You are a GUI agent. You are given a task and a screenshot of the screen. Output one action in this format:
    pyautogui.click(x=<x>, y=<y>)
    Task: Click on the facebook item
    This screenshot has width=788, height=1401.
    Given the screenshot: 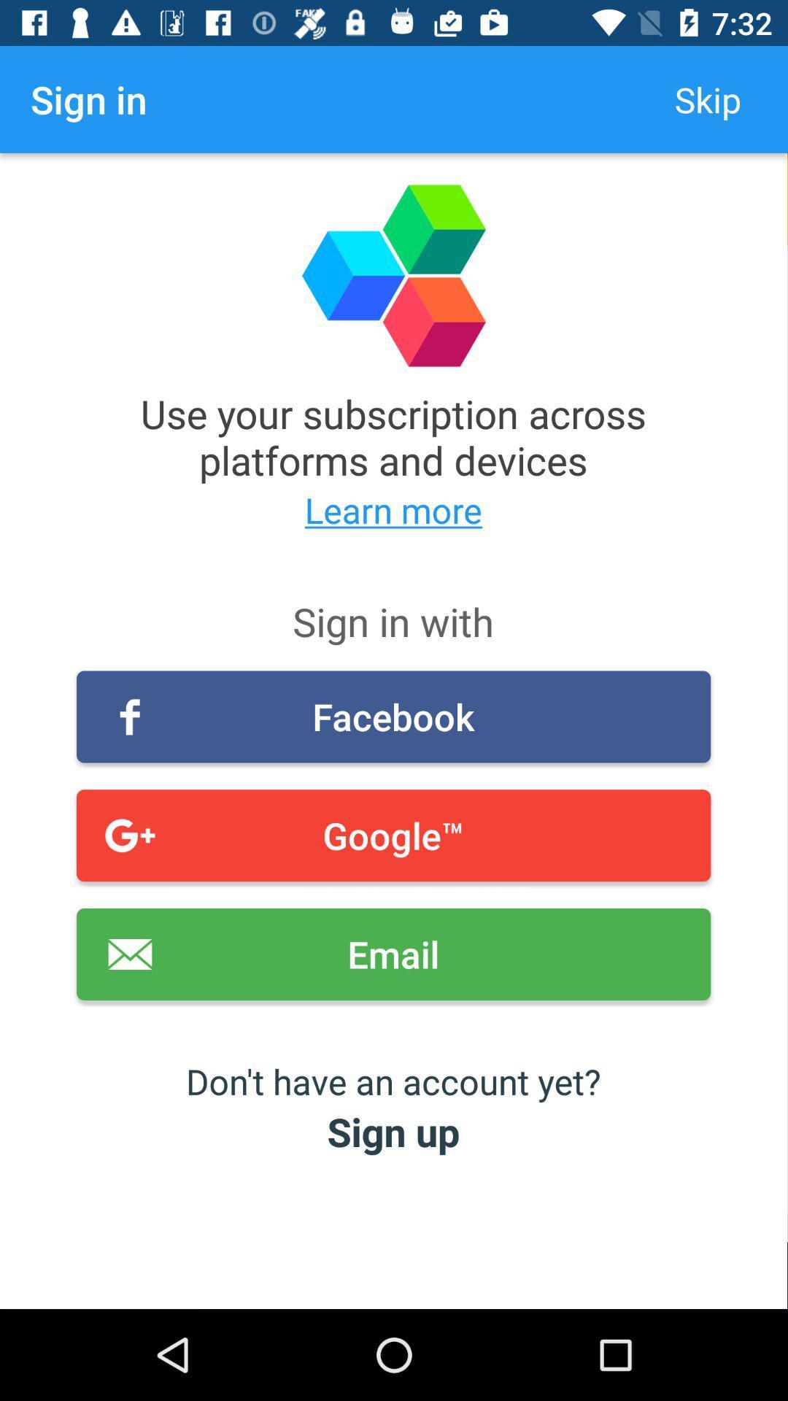 What is the action you would take?
    pyautogui.click(x=393, y=717)
    